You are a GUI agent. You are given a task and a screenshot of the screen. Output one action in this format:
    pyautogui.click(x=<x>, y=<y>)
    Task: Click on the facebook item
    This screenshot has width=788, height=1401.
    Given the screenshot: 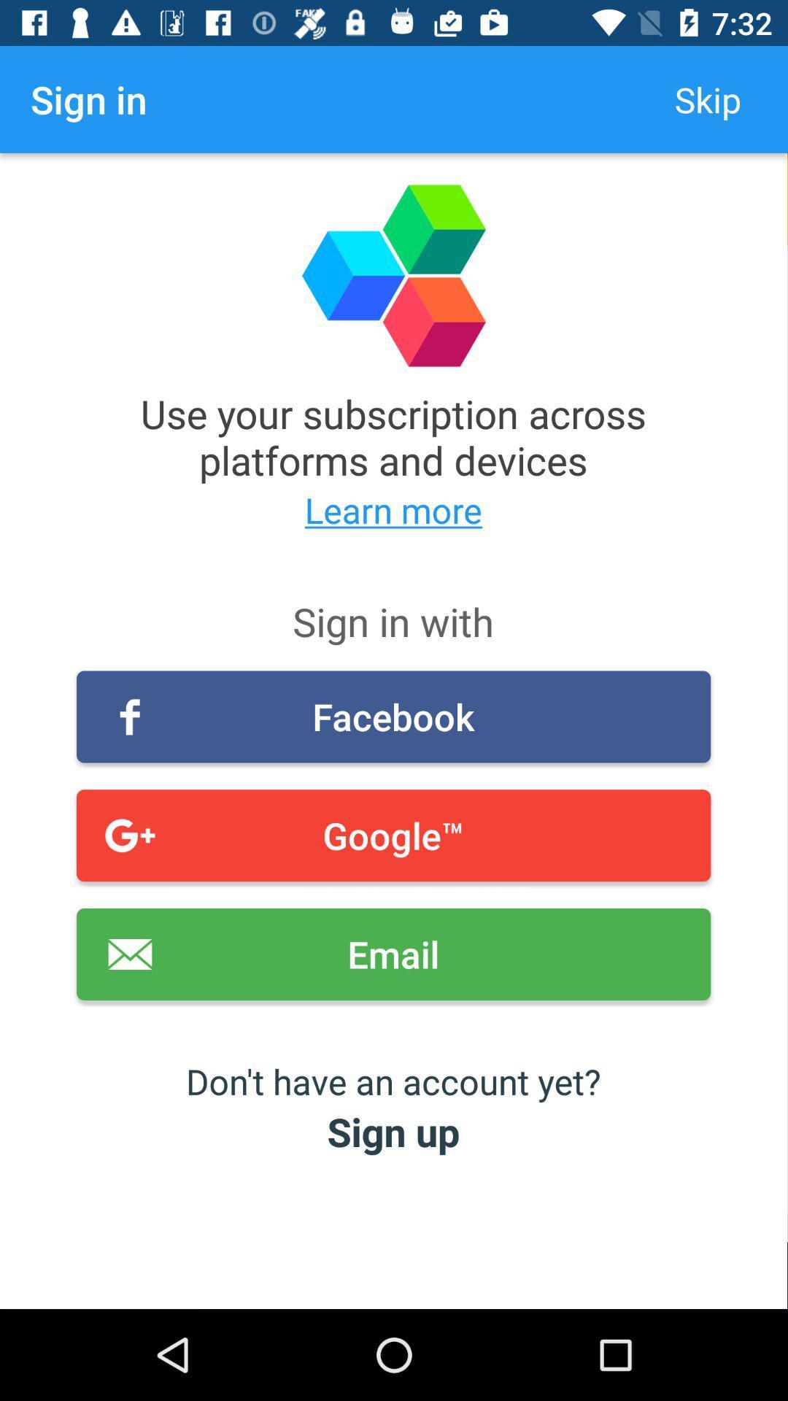 What is the action you would take?
    pyautogui.click(x=393, y=717)
    